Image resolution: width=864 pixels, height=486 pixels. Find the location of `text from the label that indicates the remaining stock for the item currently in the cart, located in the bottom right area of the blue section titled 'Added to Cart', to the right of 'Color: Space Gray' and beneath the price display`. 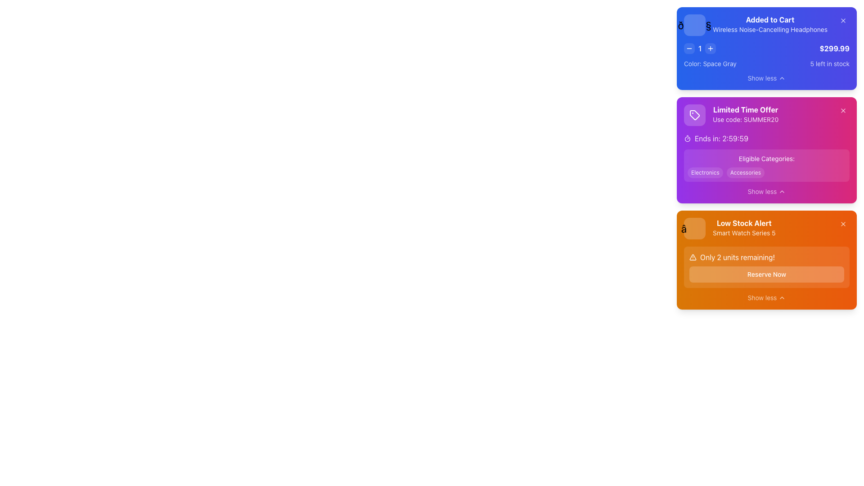

text from the label that indicates the remaining stock for the item currently in the cart, located in the bottom right area of the blue section titled 'Added to Cart', to the right of 'Color: Space Gray' and beneath the price display is located at coordinates (829, 63).